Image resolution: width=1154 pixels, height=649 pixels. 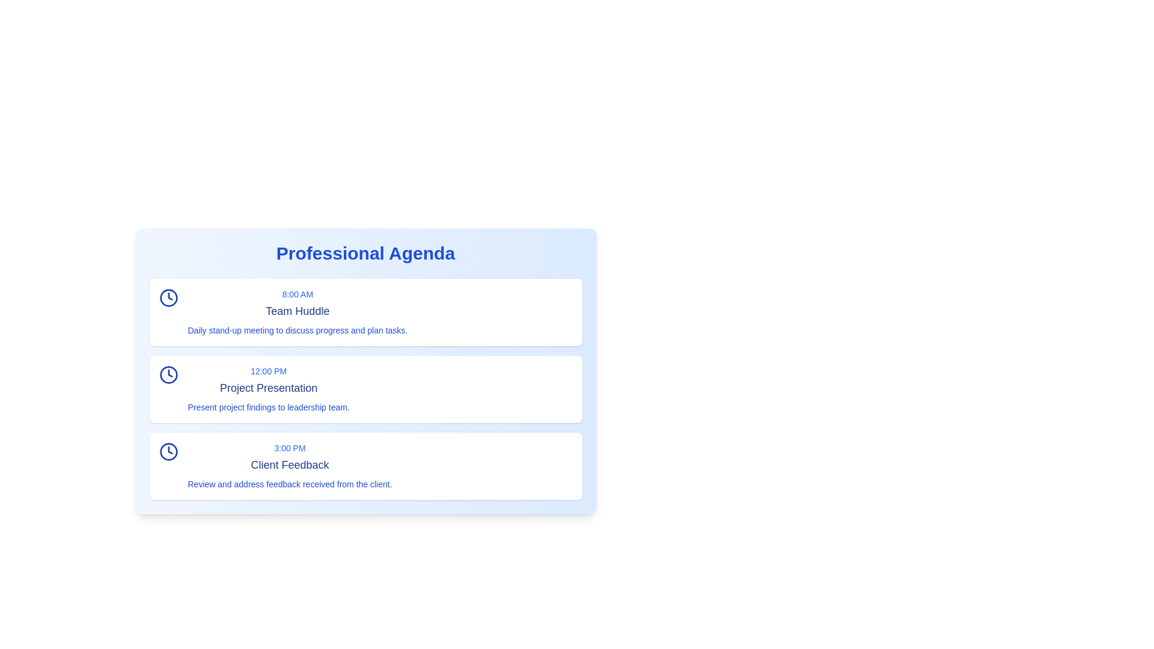 What do you see at coordinates (290, 484) in the screenshot?
I see `text content of the Text Label that displays 'Review and address feedback received from the client.' located below the 'Client Feedback' title` at bounding box center [290, 484].